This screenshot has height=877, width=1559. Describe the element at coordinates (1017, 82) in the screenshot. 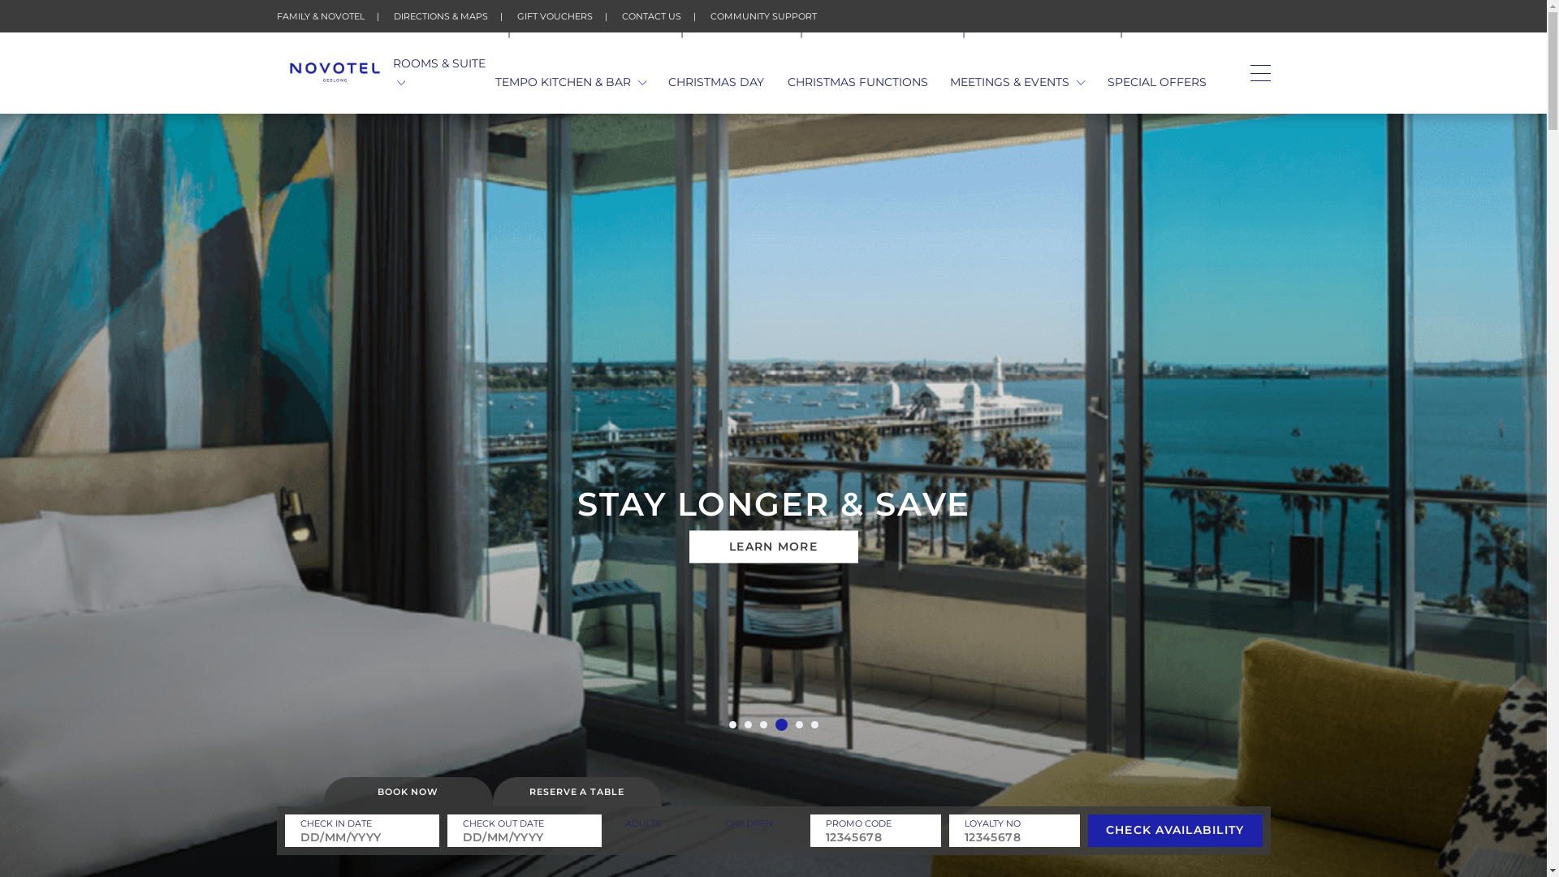

I see `'MEETINGS & EVENTS'` at that location.